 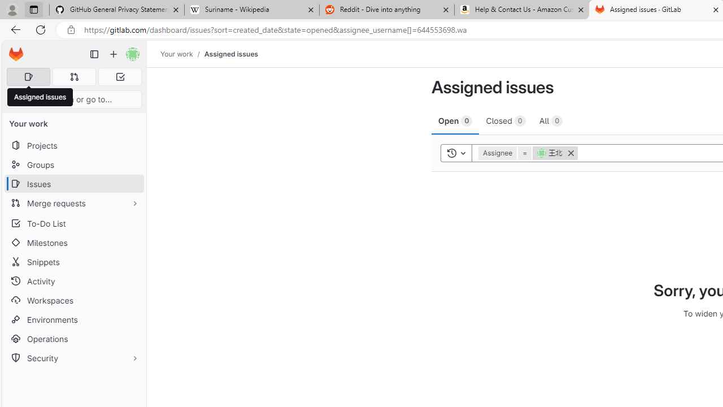 What do you see at coordinates (73, 76) in the screenshot?
I see `'Merge requests 0'` at bounding box center [73, 76].